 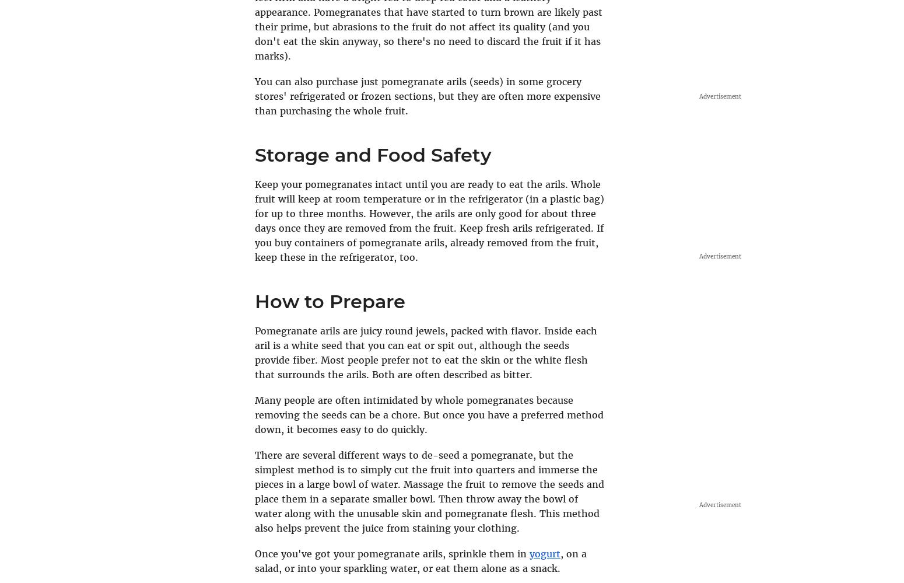 I want to click on 'Pomegranate arils are juicy round jewels, packed with flavor. Inside each aril is a white seed that you can eat or spit out, although the seeds provide fiber. Most people prefer not to eat the skin or the white flesh that surrounds the arils. Both are often described as bitter.', so click(x=426, y=352).